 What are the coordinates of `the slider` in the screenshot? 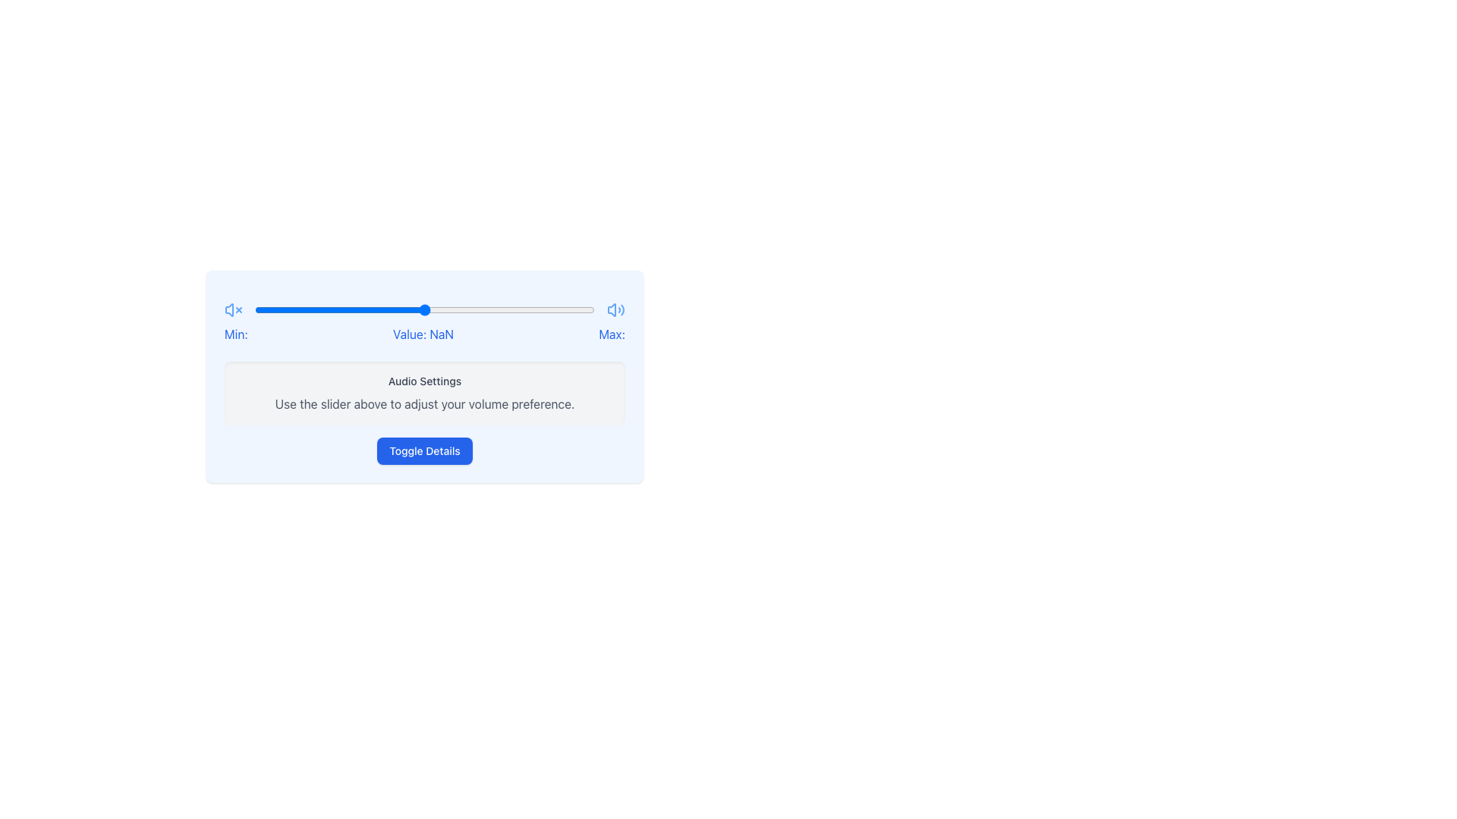 It's located at (408, 309).